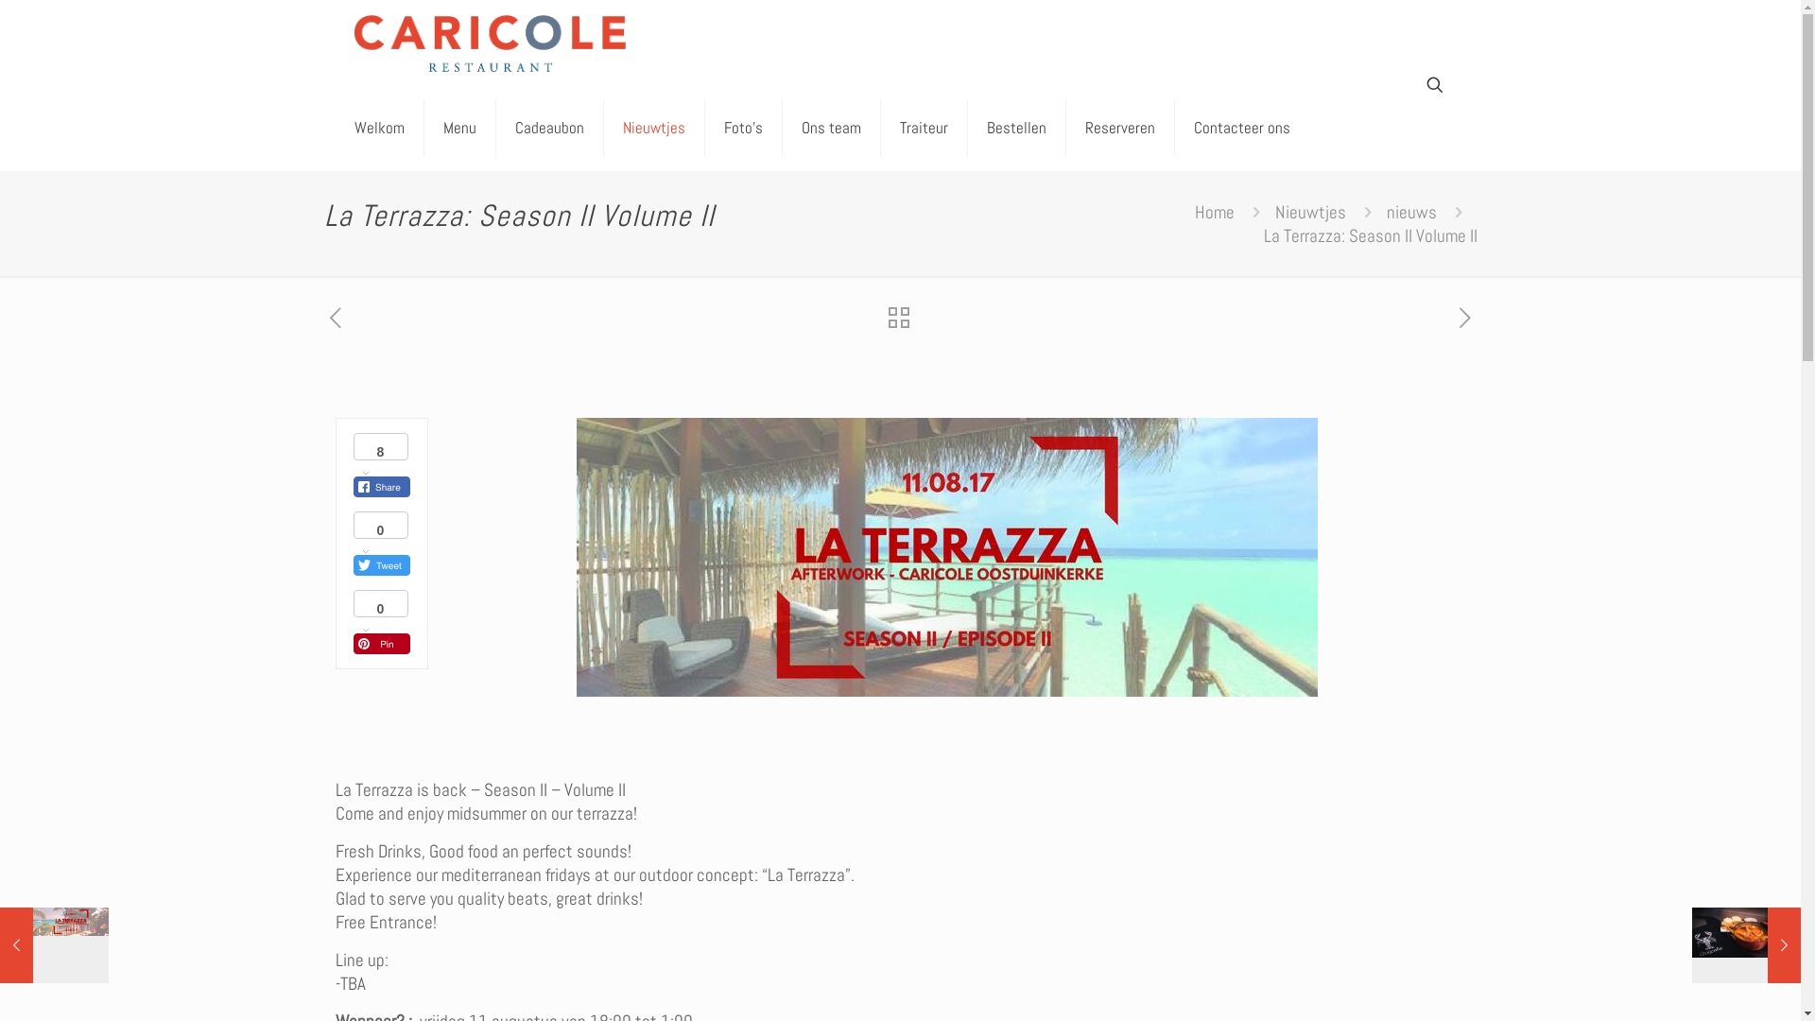 This screenshot has width=1815, height=1021. I want to click on 'Menu', so click(458, 128).